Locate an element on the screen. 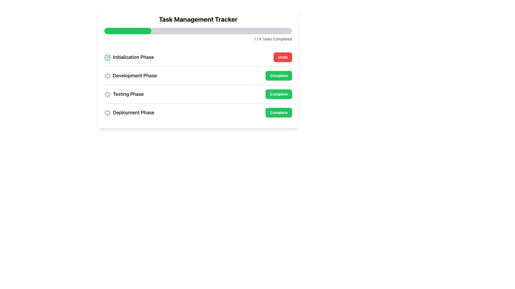 This screenshot has height=289, width=515. the 'Deployment Phase' task status row is located at coordinates (198, 112).